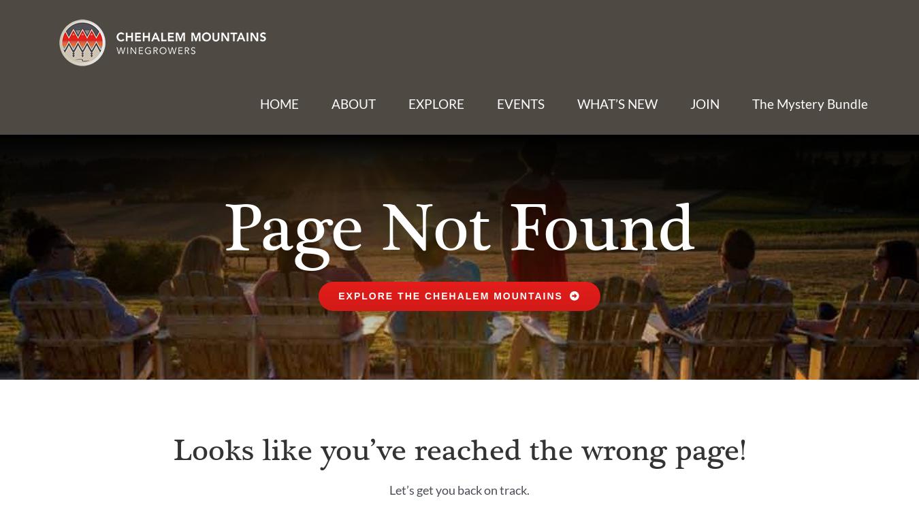 The width and height of the screenshot is (919, 507). What do you see at coordinates (459, 227) in the screenshot?
I see `'Page Not Found'` at bounding box center [459, 227].